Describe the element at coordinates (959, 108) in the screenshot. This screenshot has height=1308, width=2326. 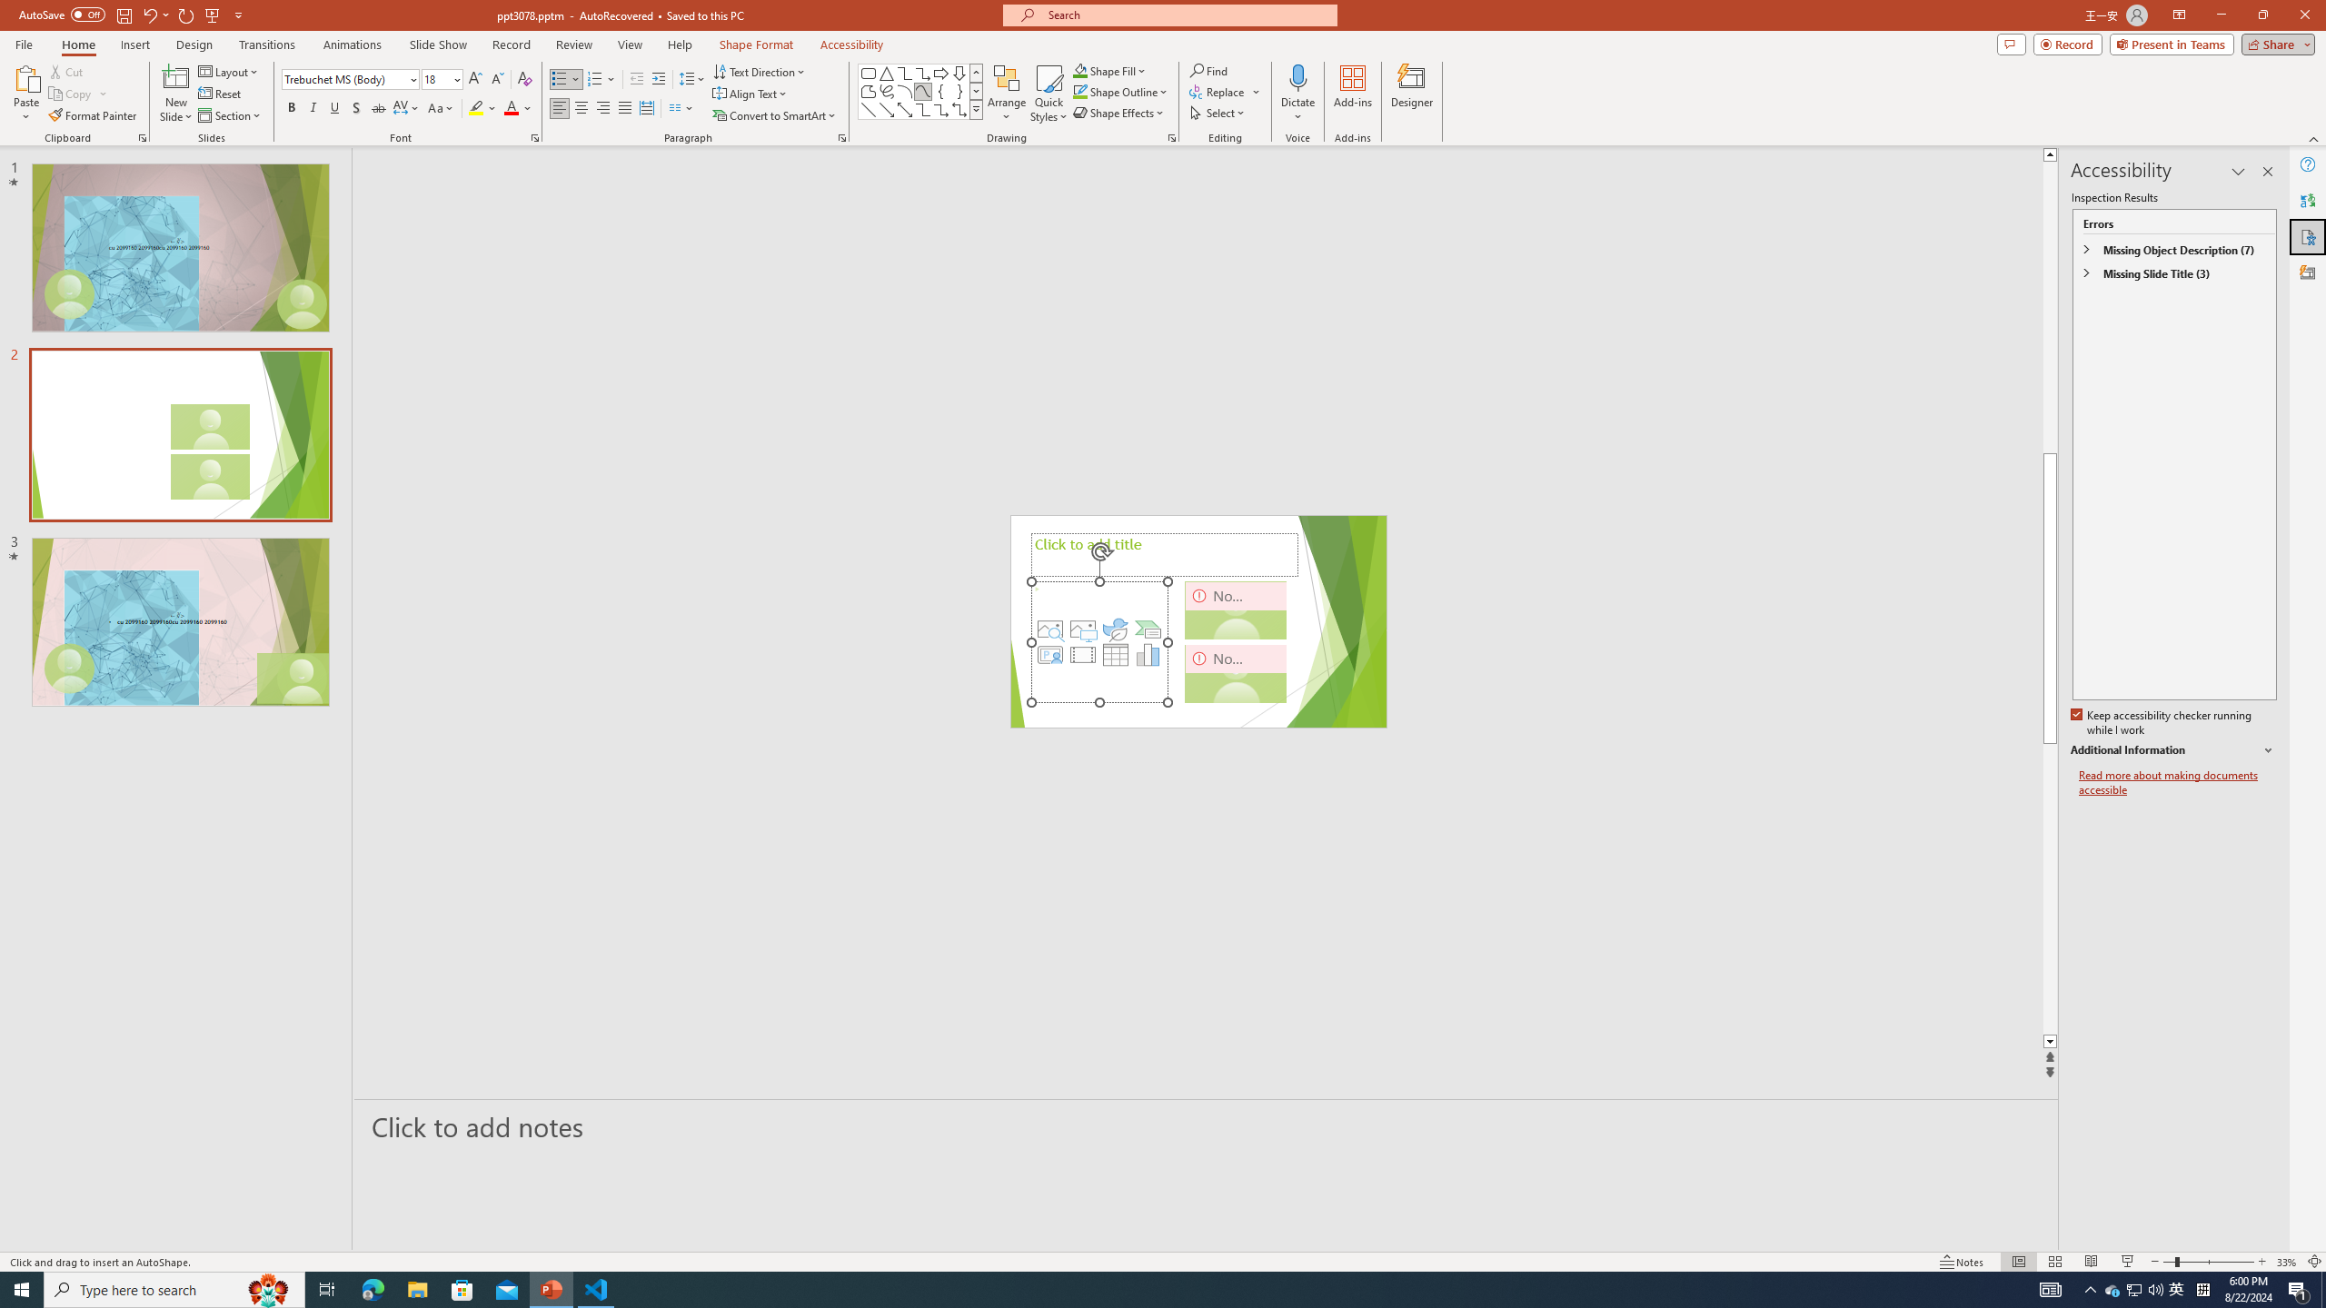
I see `'Connector: Elbow Double-Arrow'` at that location.